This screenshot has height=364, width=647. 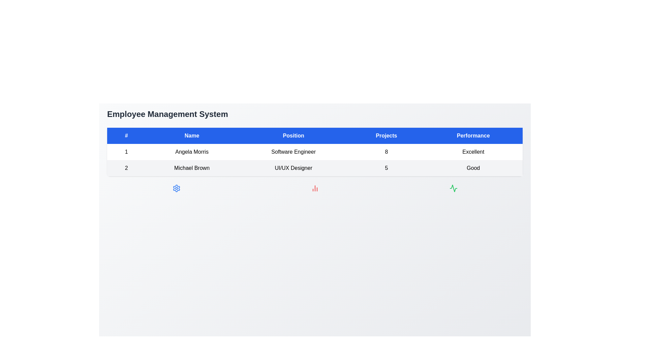 What do you see at coordinates (294, 168) in the screenshot?
I see `text label displaying 'UI/UX Designer' in the second row of the Employee Management System table, which corresponds to Michael Brown's position` at bounding box center [294, 168].